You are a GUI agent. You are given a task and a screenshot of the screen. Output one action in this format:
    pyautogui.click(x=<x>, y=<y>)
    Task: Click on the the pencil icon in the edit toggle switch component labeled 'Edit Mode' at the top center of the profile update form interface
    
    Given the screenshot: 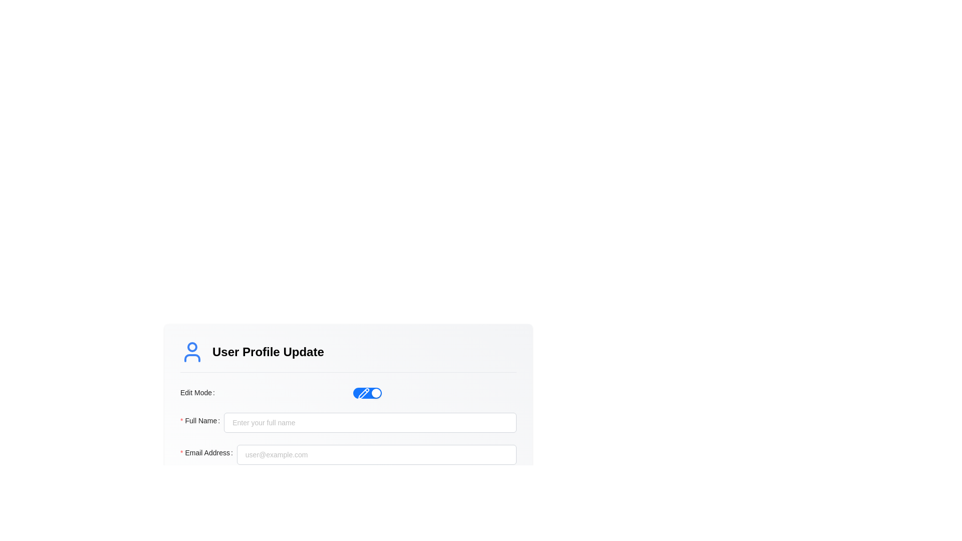 What is the action you would take?
    pyautogui.click(x=363, y=393)
    